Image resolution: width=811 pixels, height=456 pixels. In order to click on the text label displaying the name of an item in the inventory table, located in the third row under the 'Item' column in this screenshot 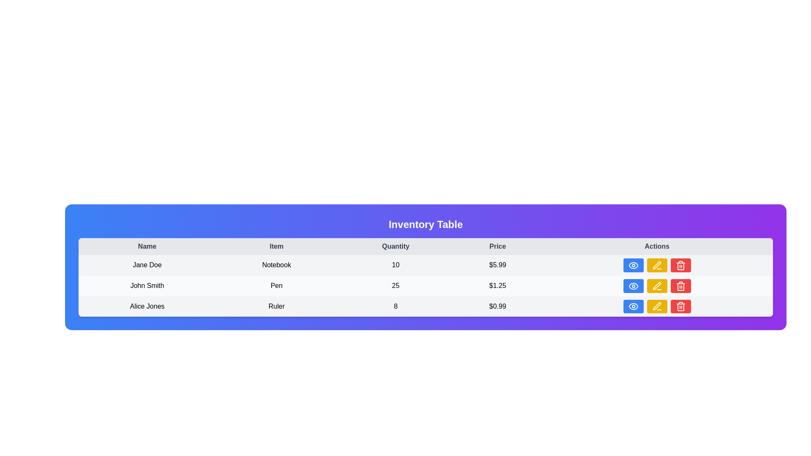, I will do `click(276, 306)`.